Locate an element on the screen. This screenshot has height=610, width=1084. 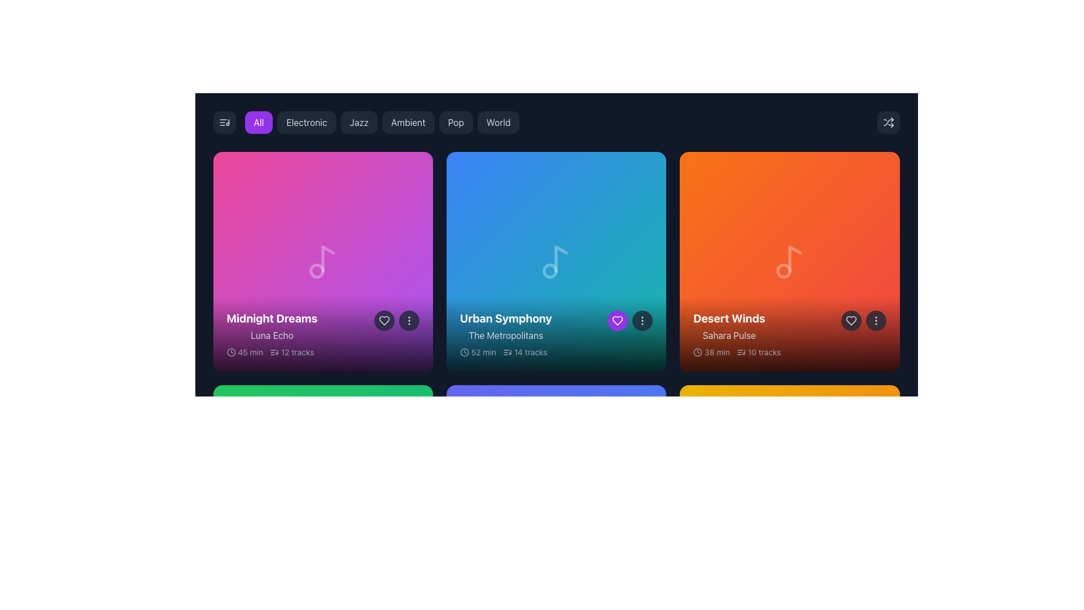
the vertical three-dot icon located in the bottom-right corner of the 'Desert Winds' card is located at coordinates (875, 321).